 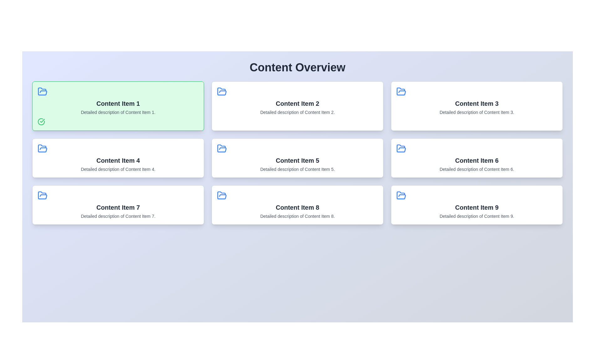 What do you see at coordinates (42, 92) in the screenshot?
I see `the blue folder icon with rounded edges located in the green-highlighted section of 'Content Item 1'` at bounding box center [42, 92].